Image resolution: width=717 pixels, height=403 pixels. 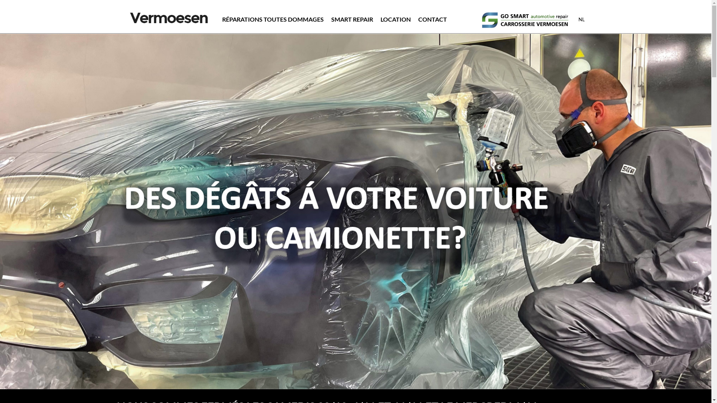 I want to click on 'SMART REPAIR', so click(x=330, y=19).